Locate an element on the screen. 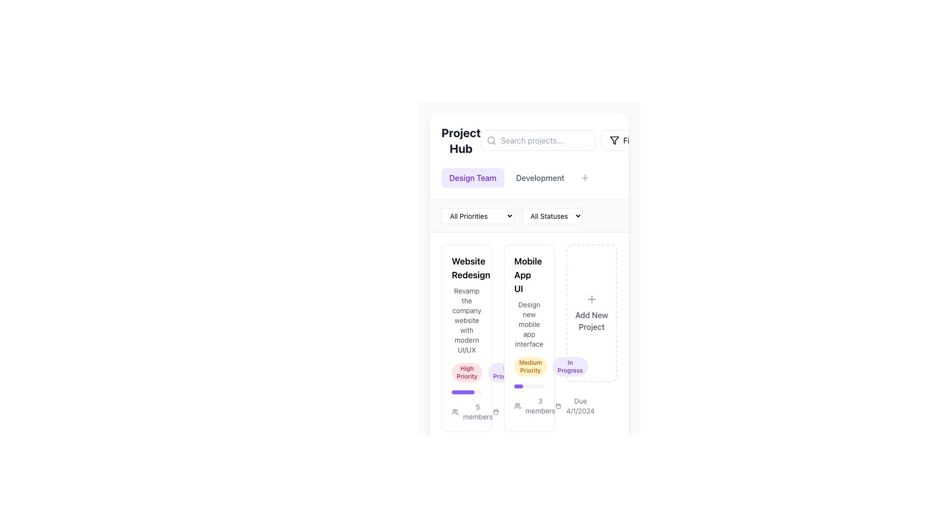 The width and height of the screenshot is (944, 531). the label displaying the number of members associated with the 'Mobile App UI' project, located in the lower part of the project card above the due date information is located at coordinates (534, 406).